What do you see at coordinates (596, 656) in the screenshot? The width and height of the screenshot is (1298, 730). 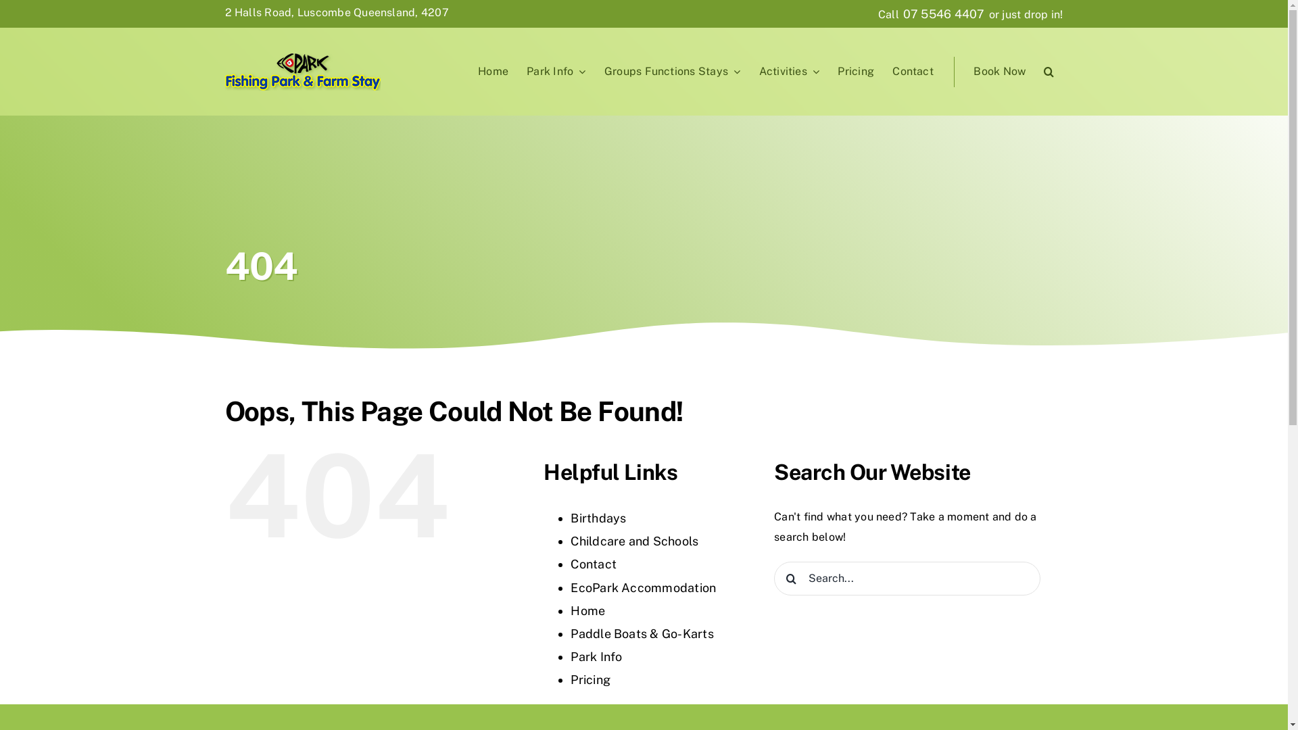 I see `'Park Info'` at bounding box center [596, 656].